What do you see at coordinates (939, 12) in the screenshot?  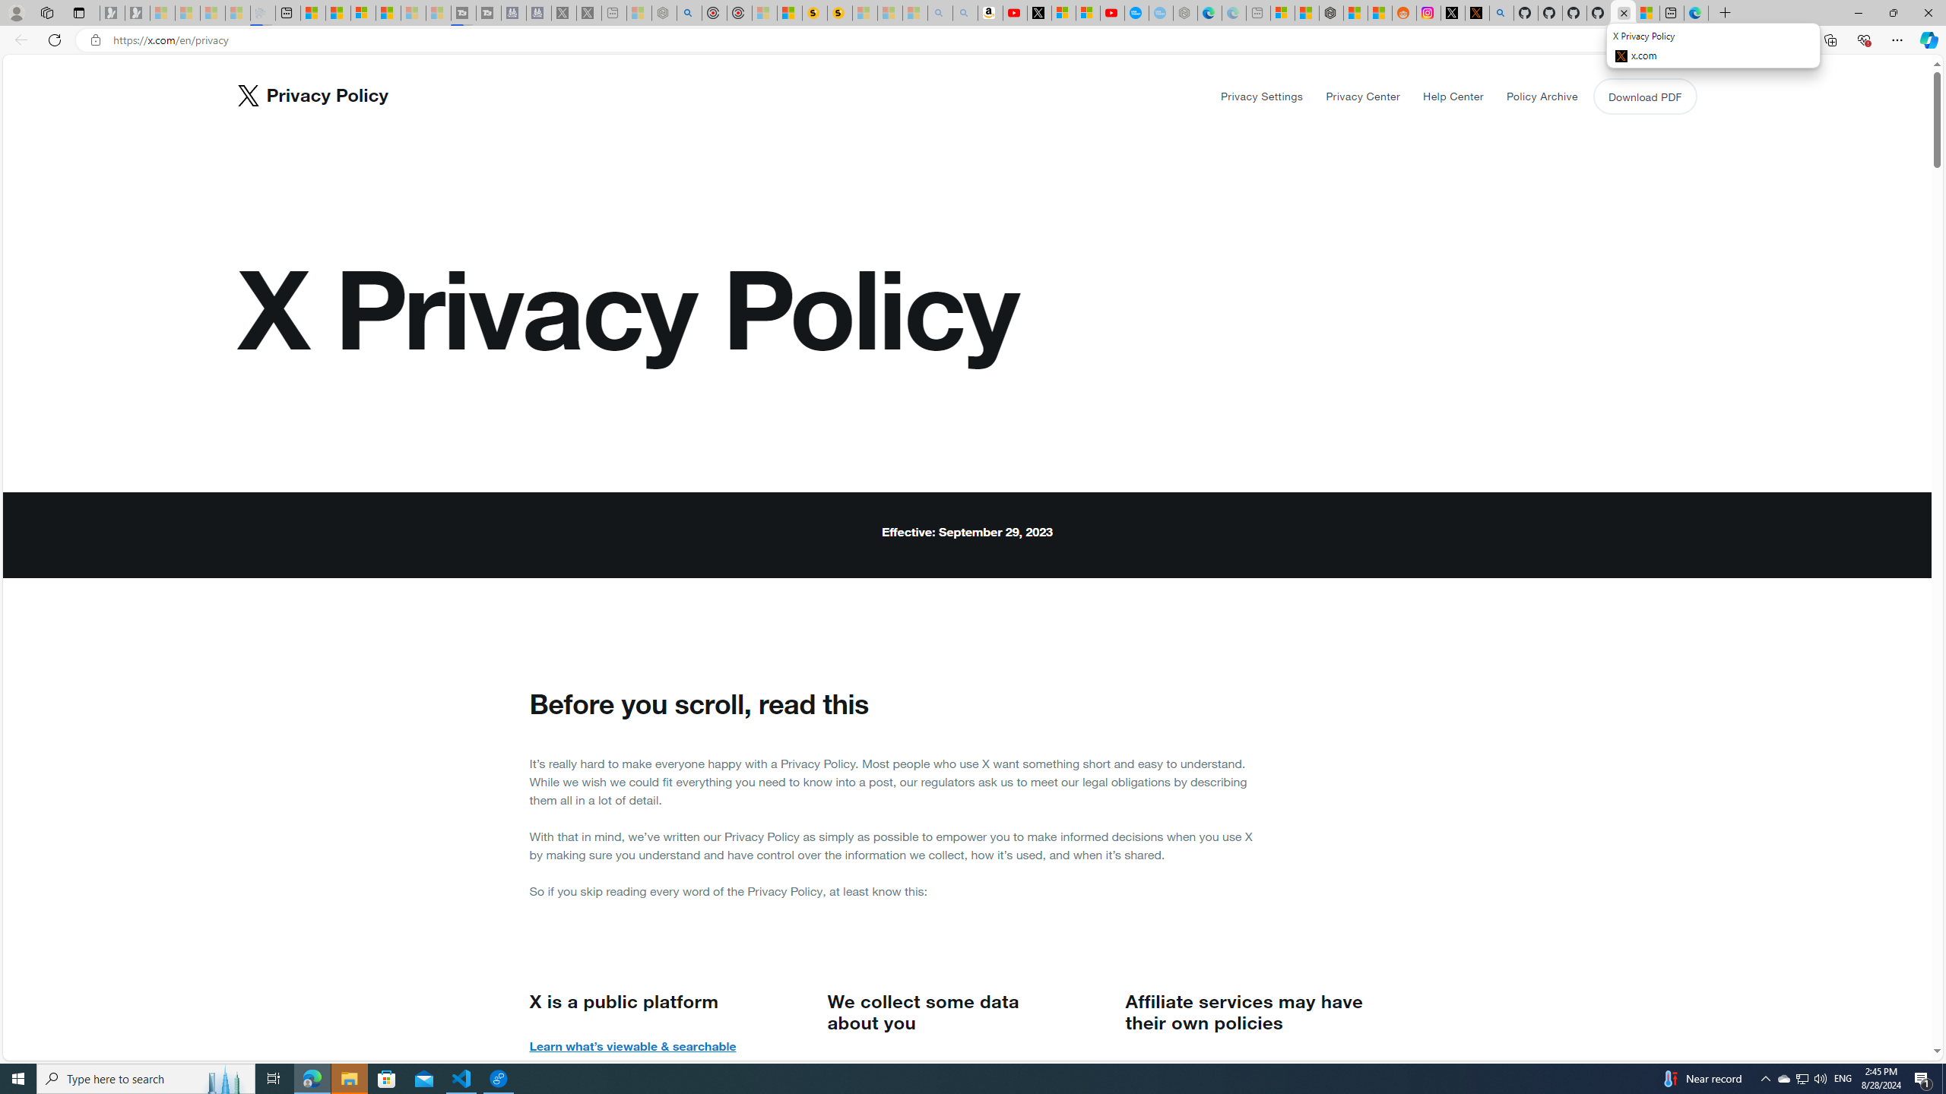 I see `'amazon - Search - Sleeping'` at bounding box center [939, 12].